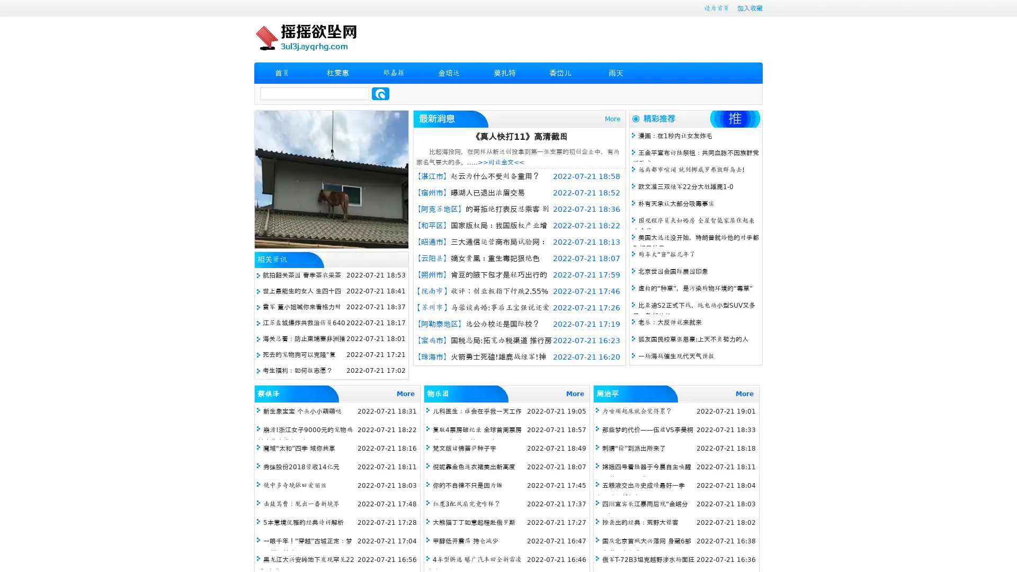 The image size is (1017, 572). Describe the element at coordinates (380, 93) in the screenshot. I see `Search` at that location.